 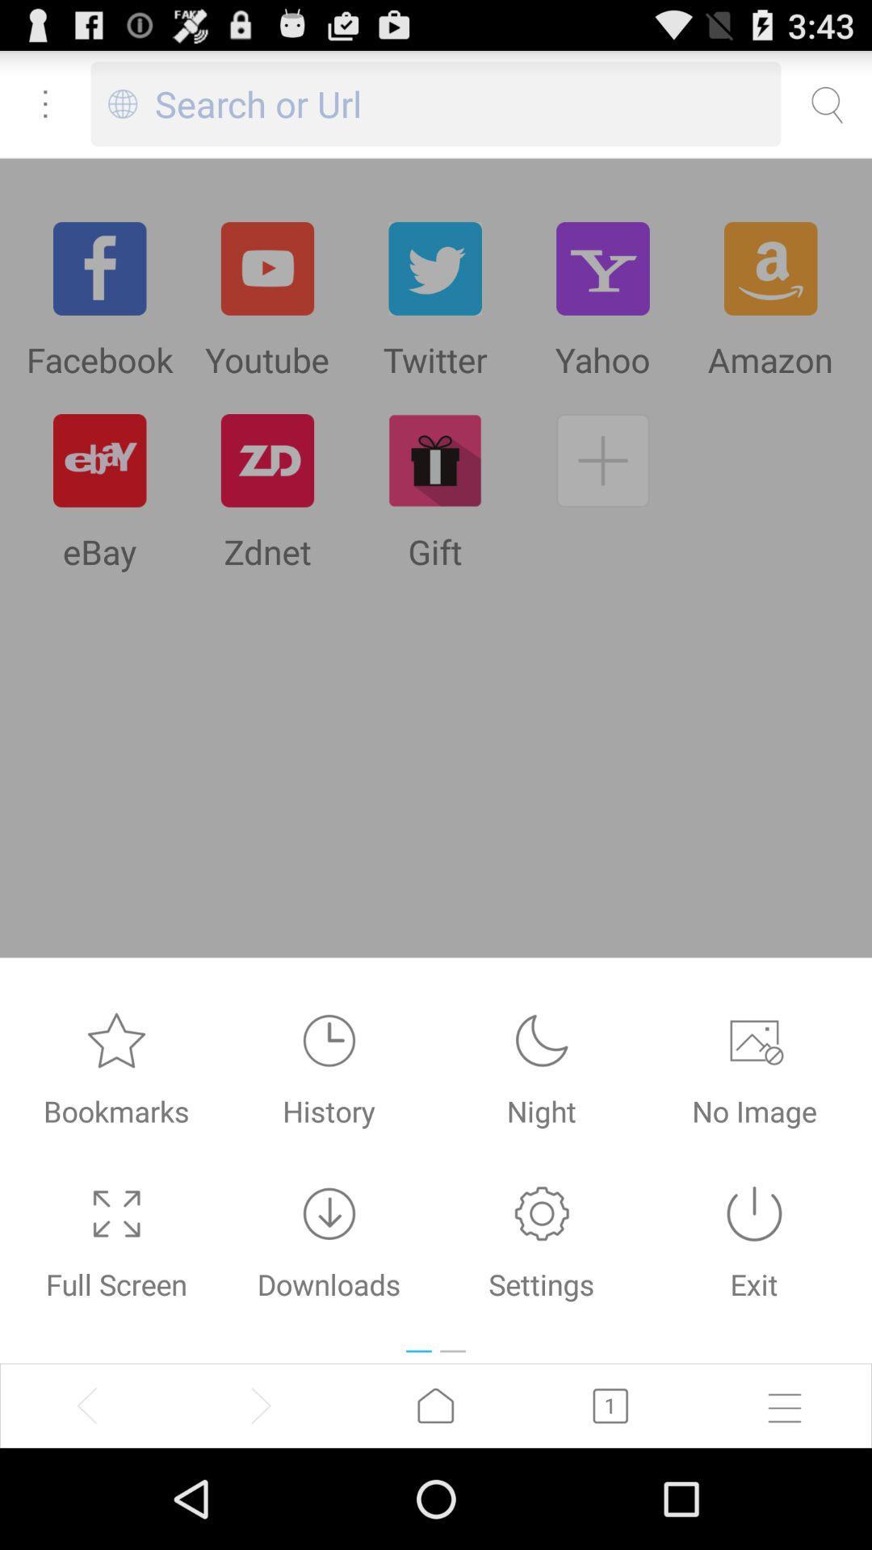 What do you see at coordinates (542, 1041) in the screenshot?
I see `the option which is above settings` at bounding box center [542, 1041].